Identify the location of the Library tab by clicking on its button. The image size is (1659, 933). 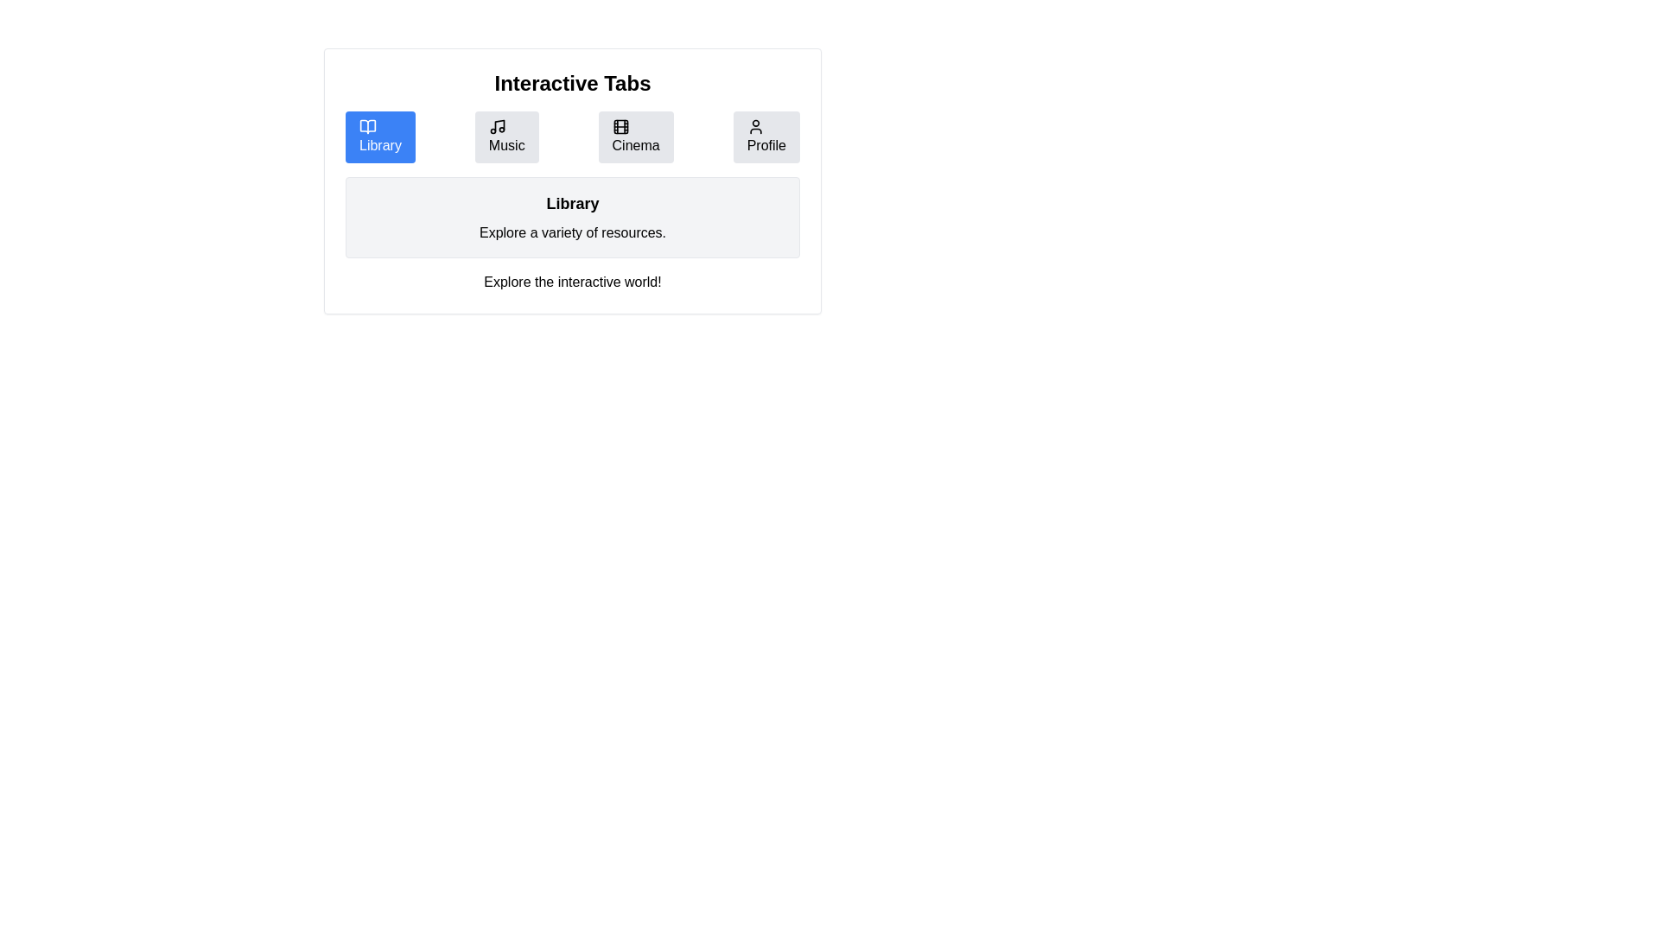
(379, 136).